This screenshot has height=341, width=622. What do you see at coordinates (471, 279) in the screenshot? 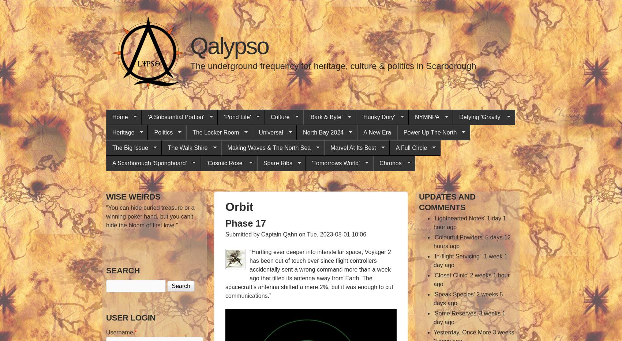
I see `'2 weeks 1 hour ago'` at bounding box center [471, 279].